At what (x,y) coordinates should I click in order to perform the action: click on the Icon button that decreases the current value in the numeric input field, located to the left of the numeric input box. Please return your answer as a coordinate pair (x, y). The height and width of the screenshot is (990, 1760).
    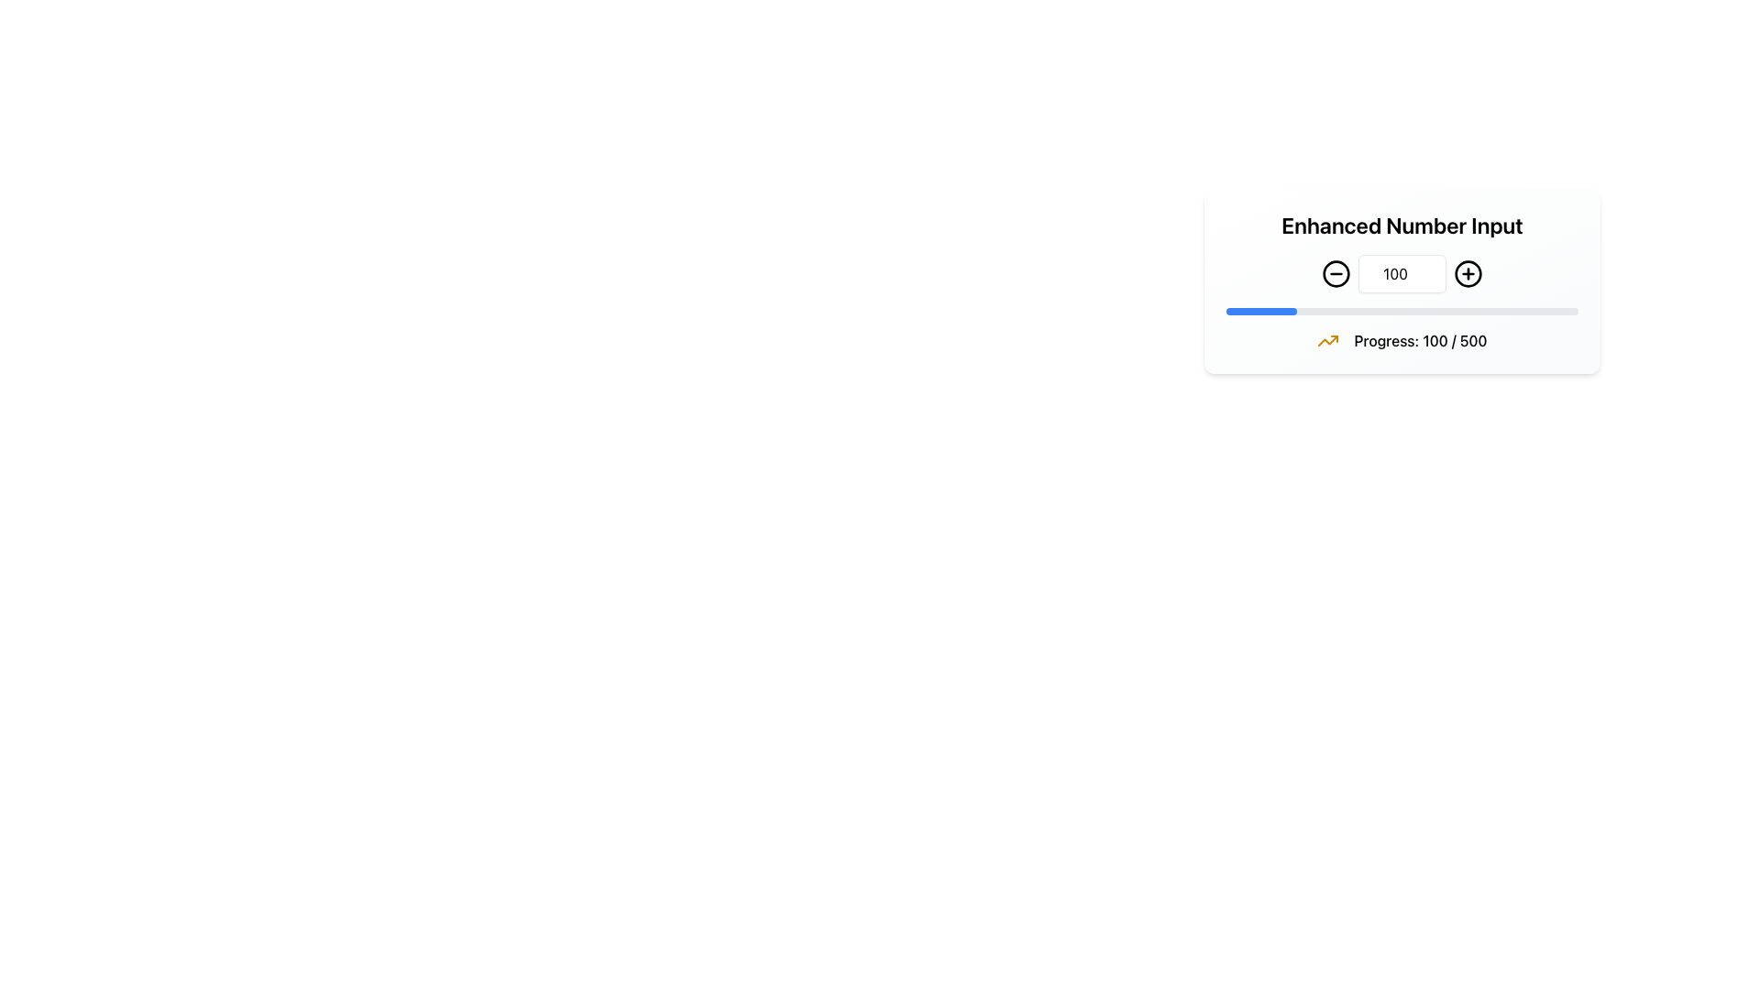
    Looking at the image, I should click on (1336, 274).